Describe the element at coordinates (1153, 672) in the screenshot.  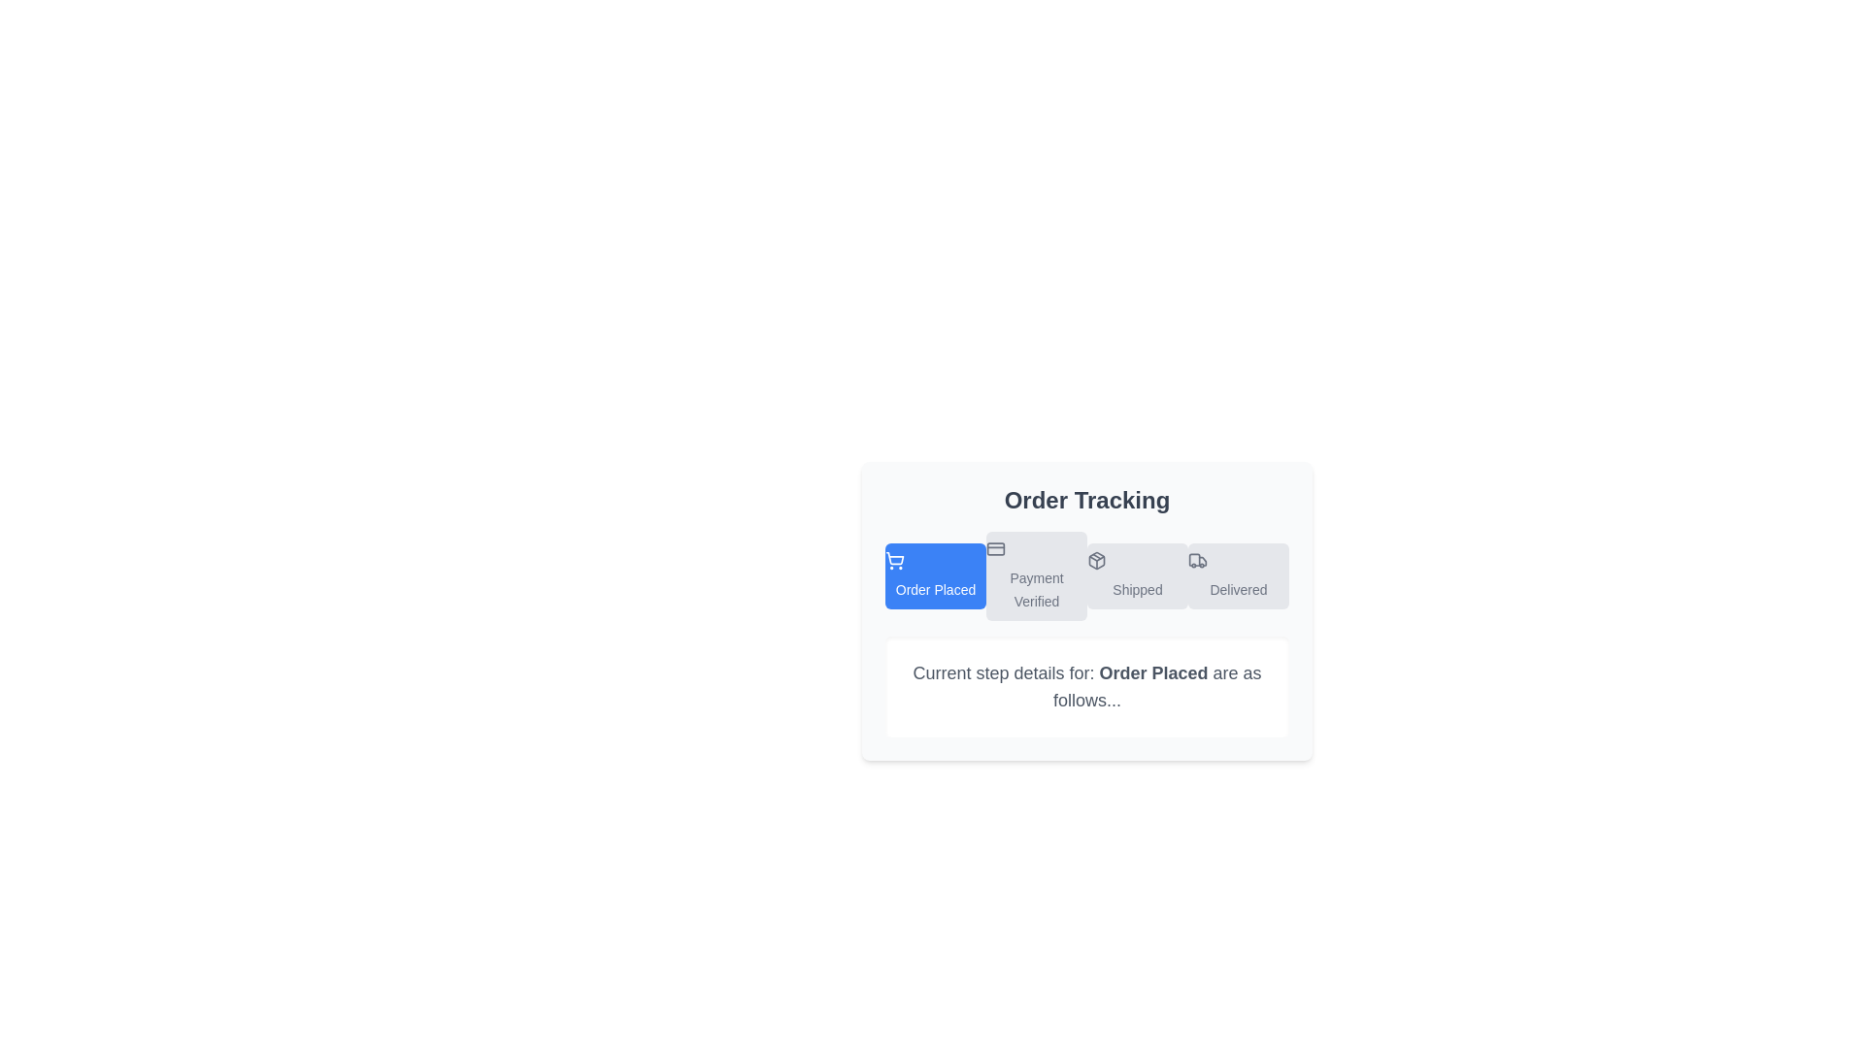
I see `text label indicating the current order status, specifically for the step 'Order Placed', located within the bottom section of the order-tracking widget card` at that location.